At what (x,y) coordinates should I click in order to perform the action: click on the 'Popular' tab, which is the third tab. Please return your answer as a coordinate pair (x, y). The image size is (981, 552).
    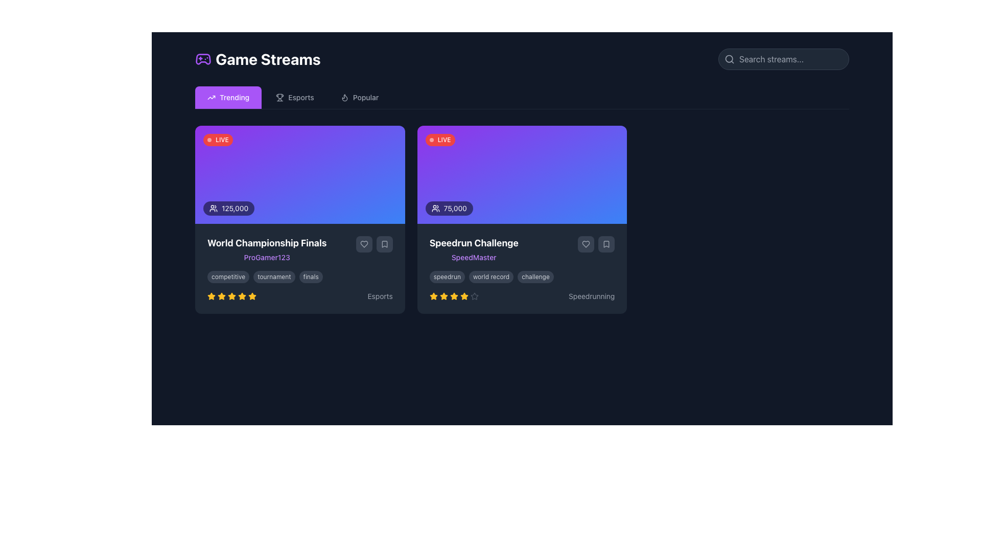
    Looking at the image, I should click on (360, 98).